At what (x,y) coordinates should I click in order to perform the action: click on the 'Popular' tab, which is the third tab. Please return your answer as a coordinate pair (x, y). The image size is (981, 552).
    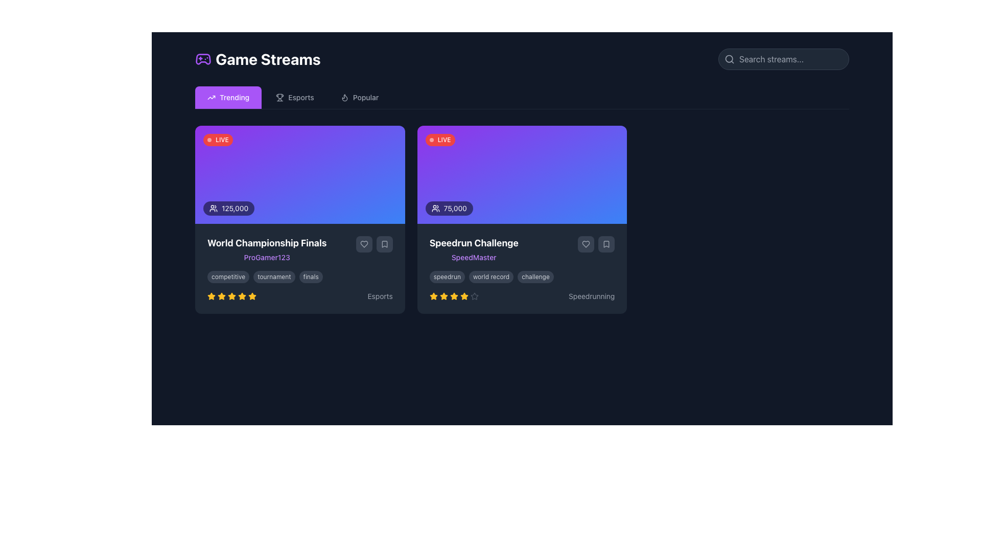
    Looking at the image, I should click on (360, 98).